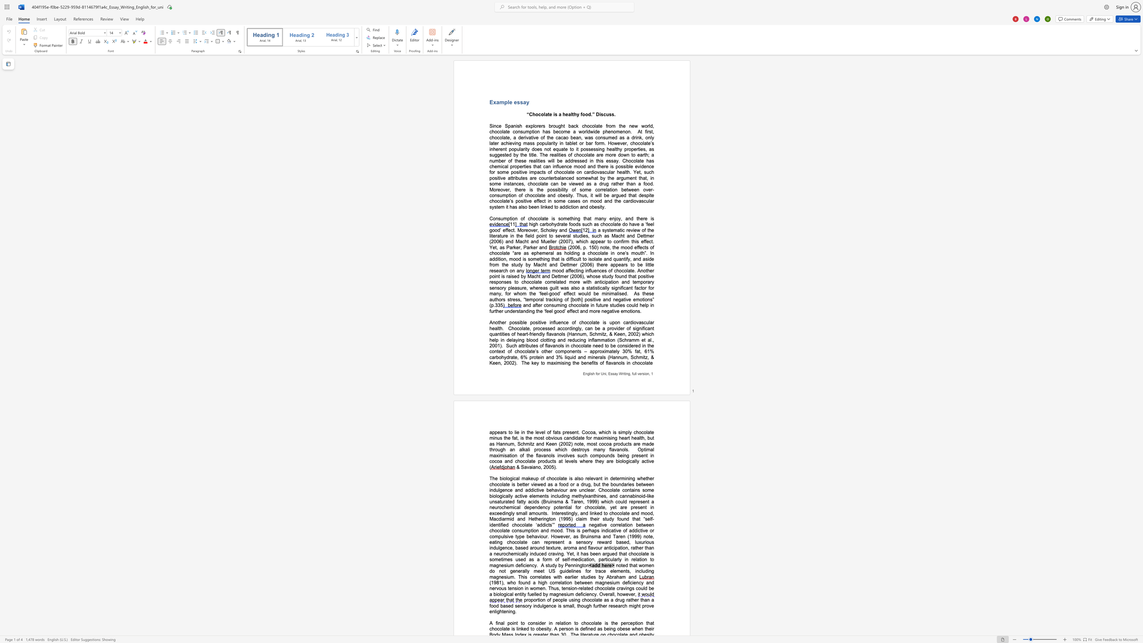  What do you see at coordinates (595, 178) in the screenshot?
I see `the 1th character "a" in the text` at bounding box center [595, 178].